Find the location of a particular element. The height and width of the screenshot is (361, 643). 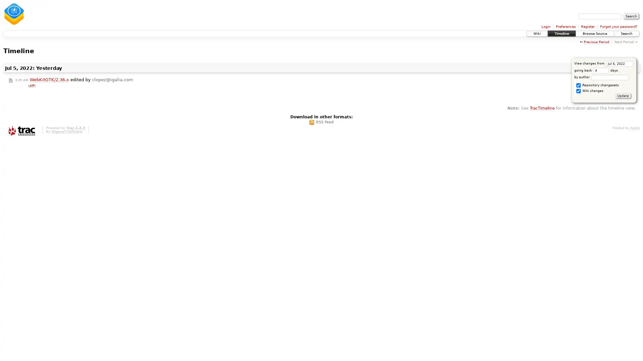

Update is located at coordinates (623, 96).